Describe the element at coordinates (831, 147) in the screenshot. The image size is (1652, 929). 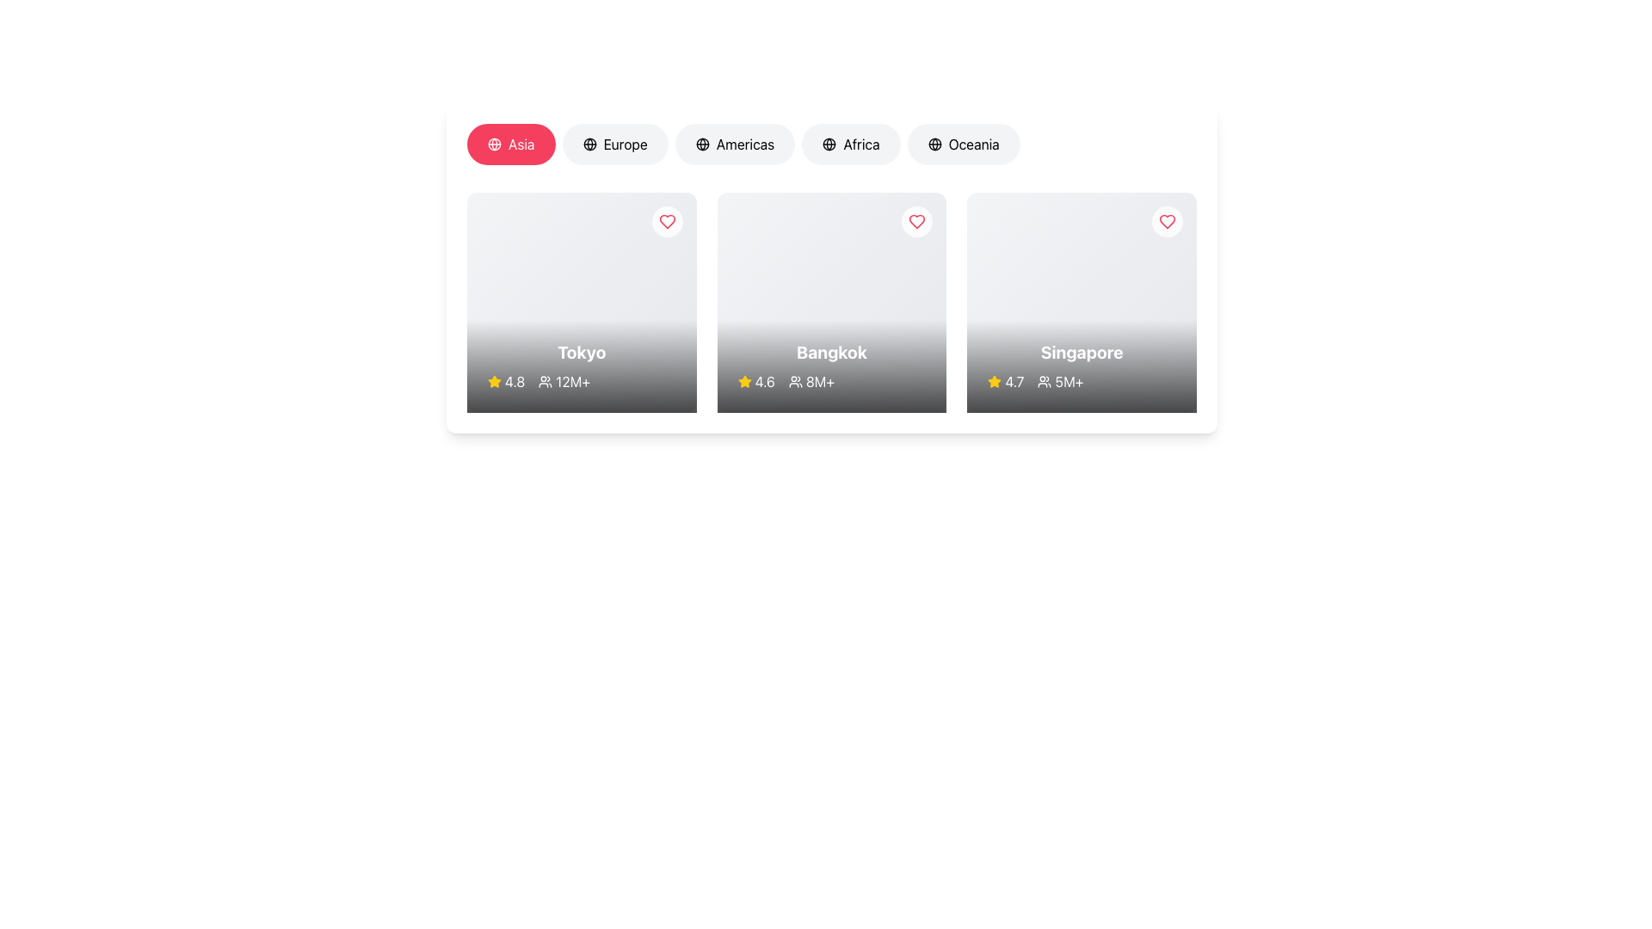
I see `the region button on the horizontal scrollable tab bar located near the top of the interface to trigger the highlight effect` at that location.